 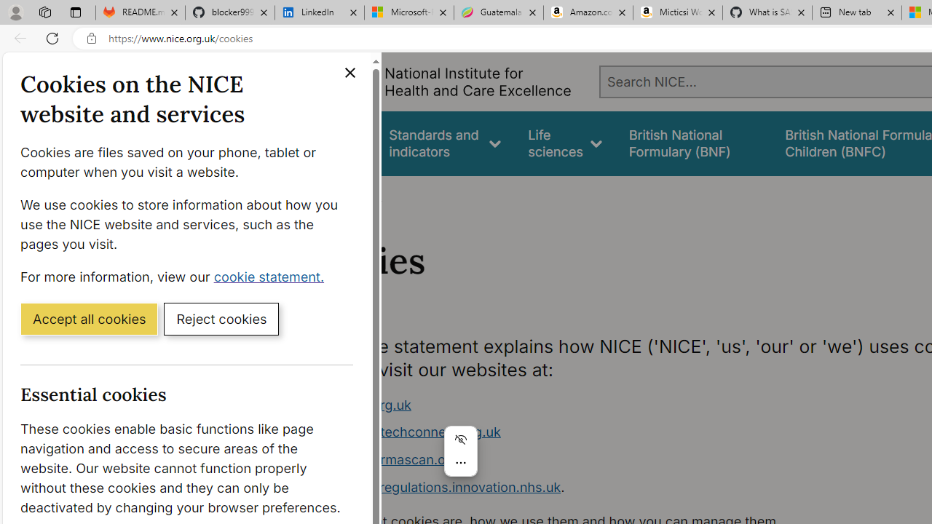 I want to click on 'Hide menu', so click(x=459, y=439).